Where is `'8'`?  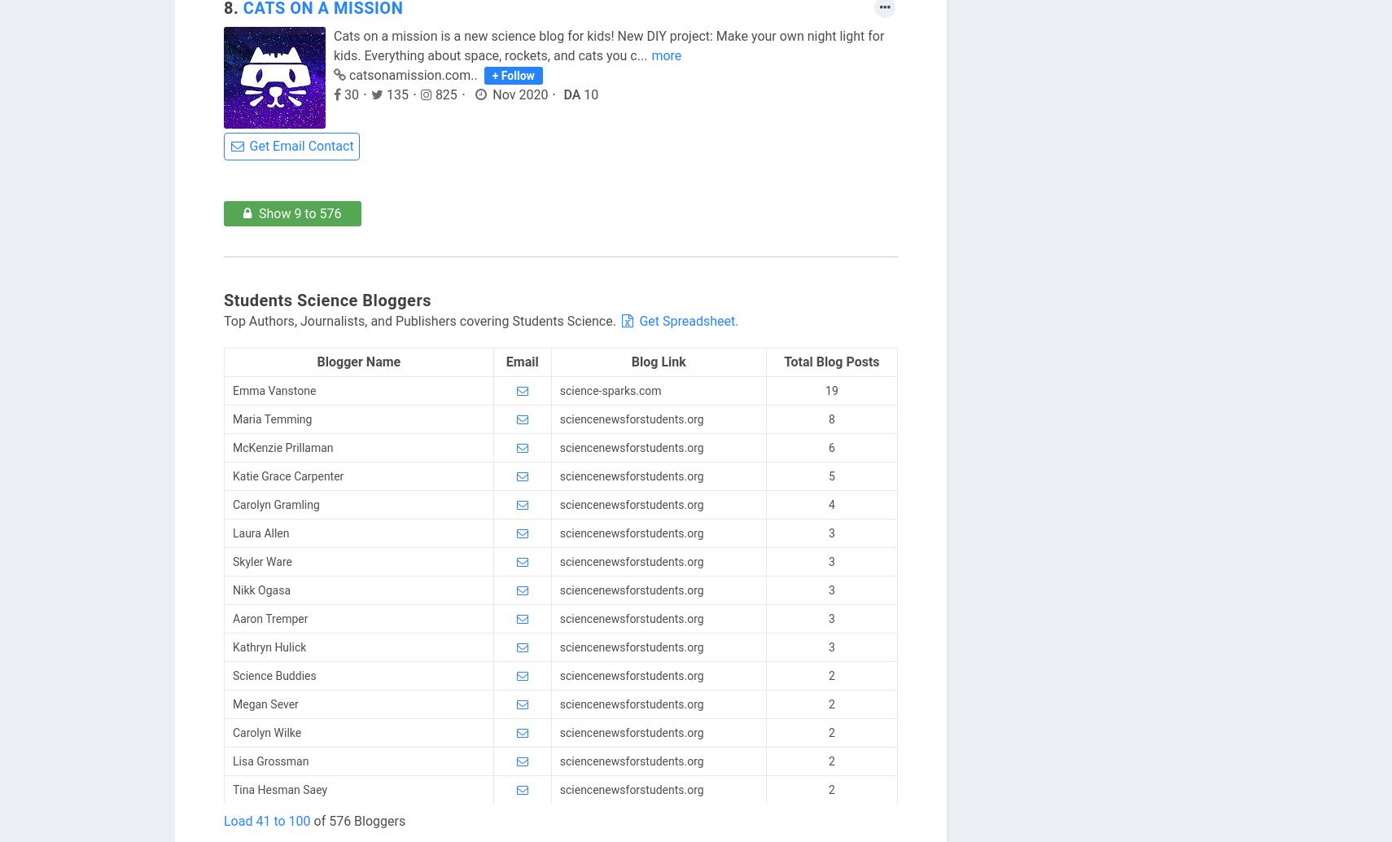 '8' is located at coordinates (827, 418).